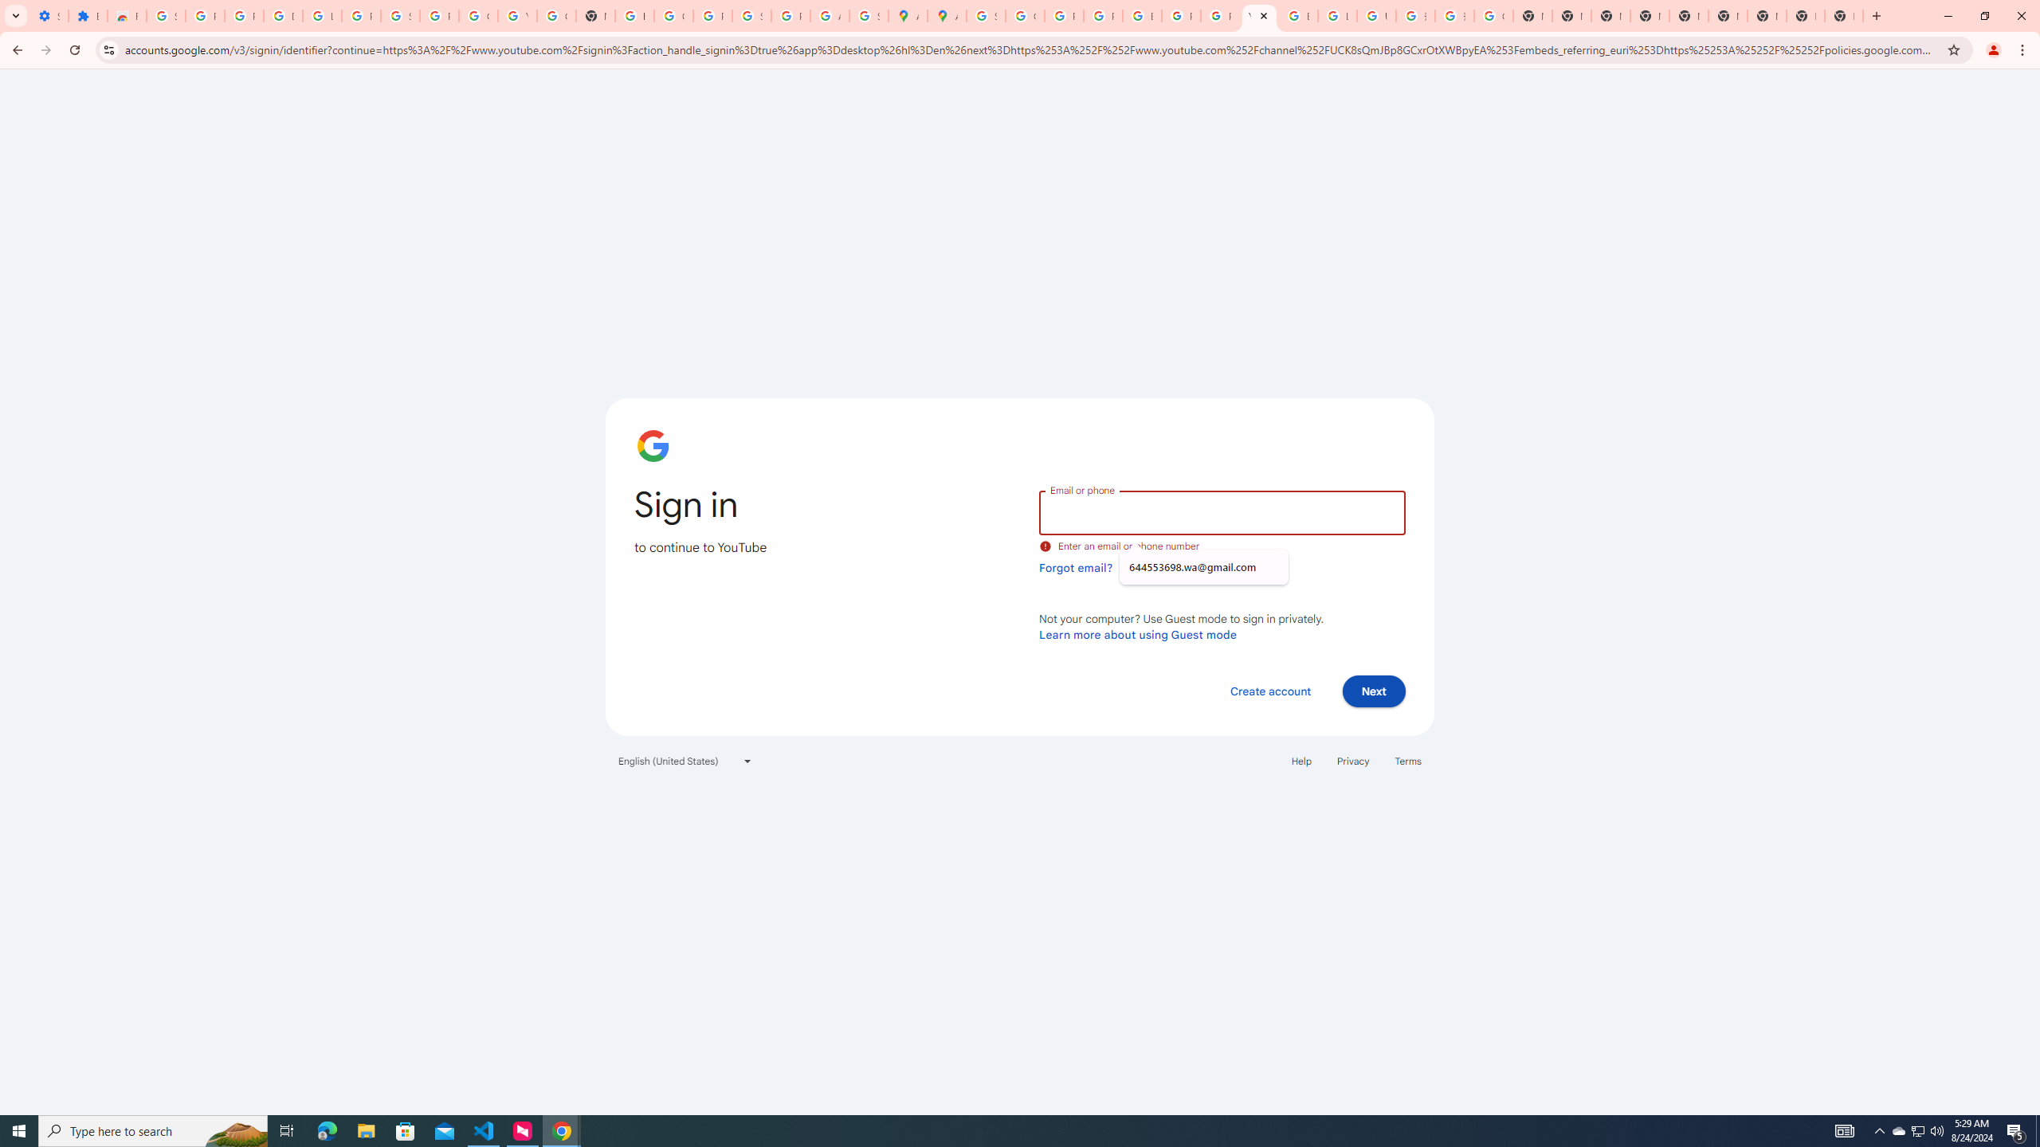 This screenshot has height=1147, width=2040. What do you see at coordinates (1374, 690) in the screenshot?
I see `'Next'` at bounding box center [1374, 690].